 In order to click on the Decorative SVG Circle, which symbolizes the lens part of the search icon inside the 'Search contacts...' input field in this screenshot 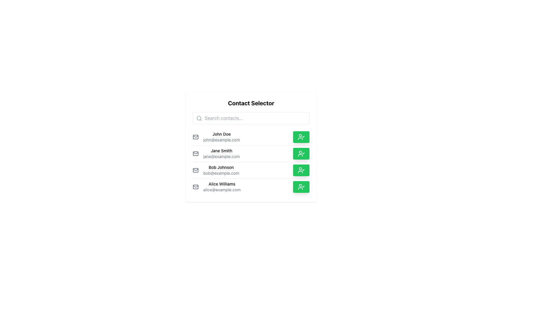, I will do `click(199, 118)`.